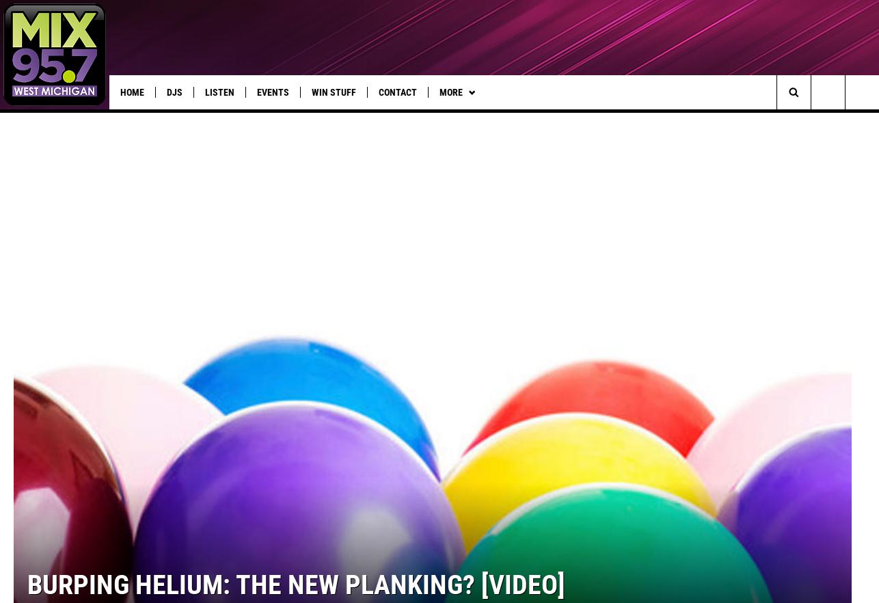  I want to click on 'Events', so click(272, 92).